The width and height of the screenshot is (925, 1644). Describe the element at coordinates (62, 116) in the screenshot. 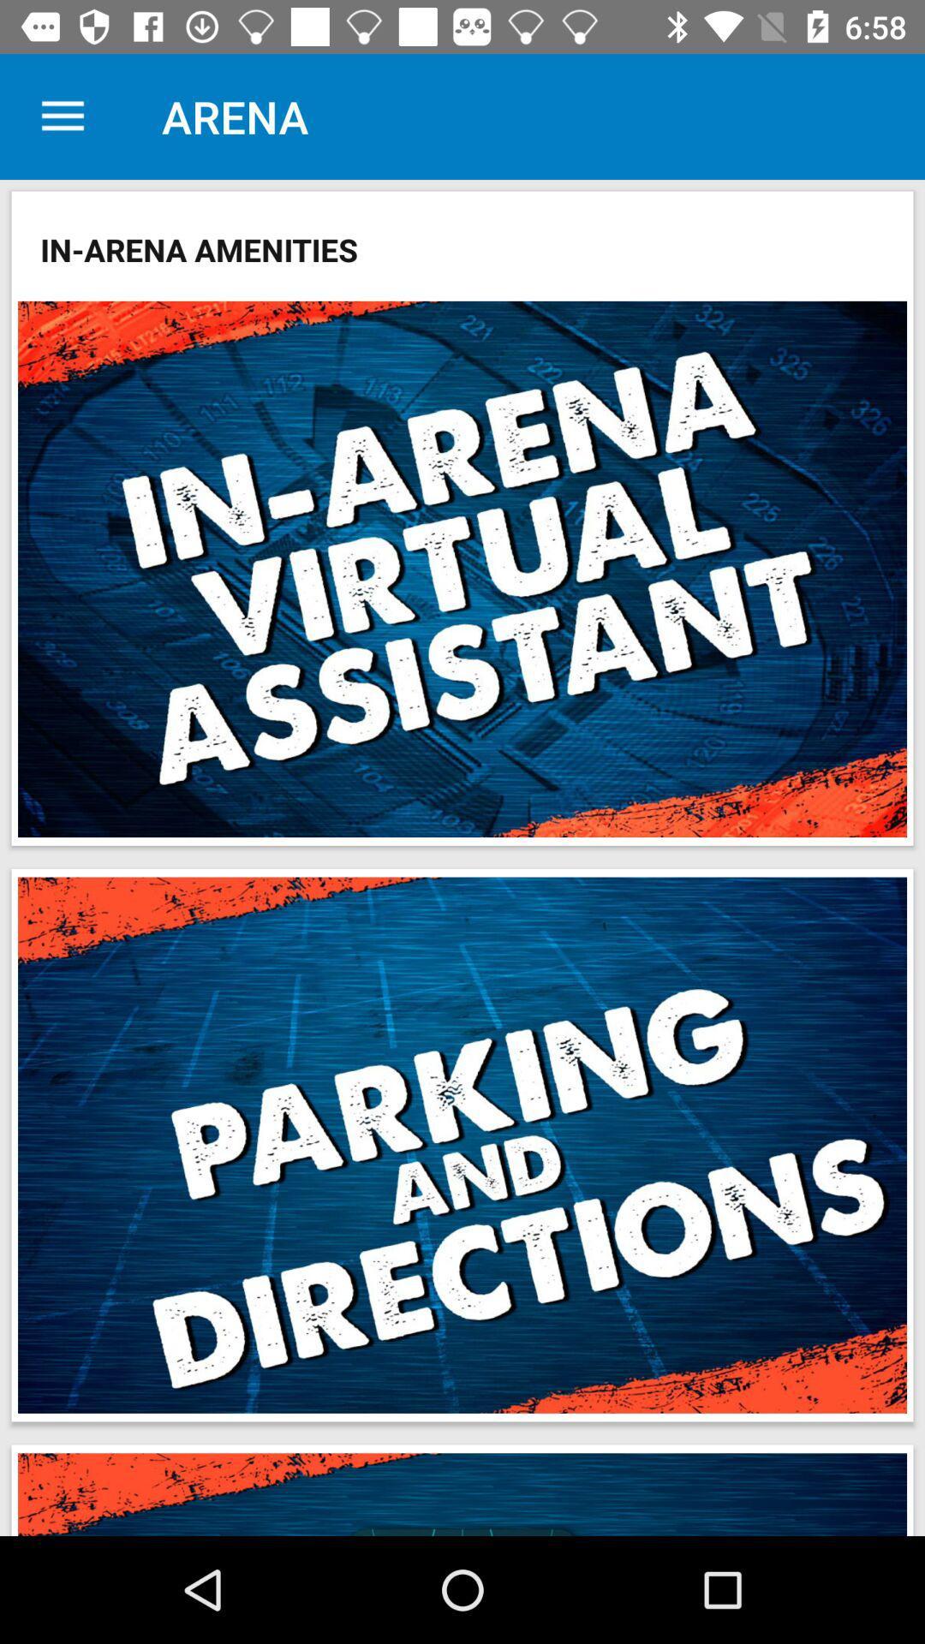

I see `item next to the arena item` at that location.